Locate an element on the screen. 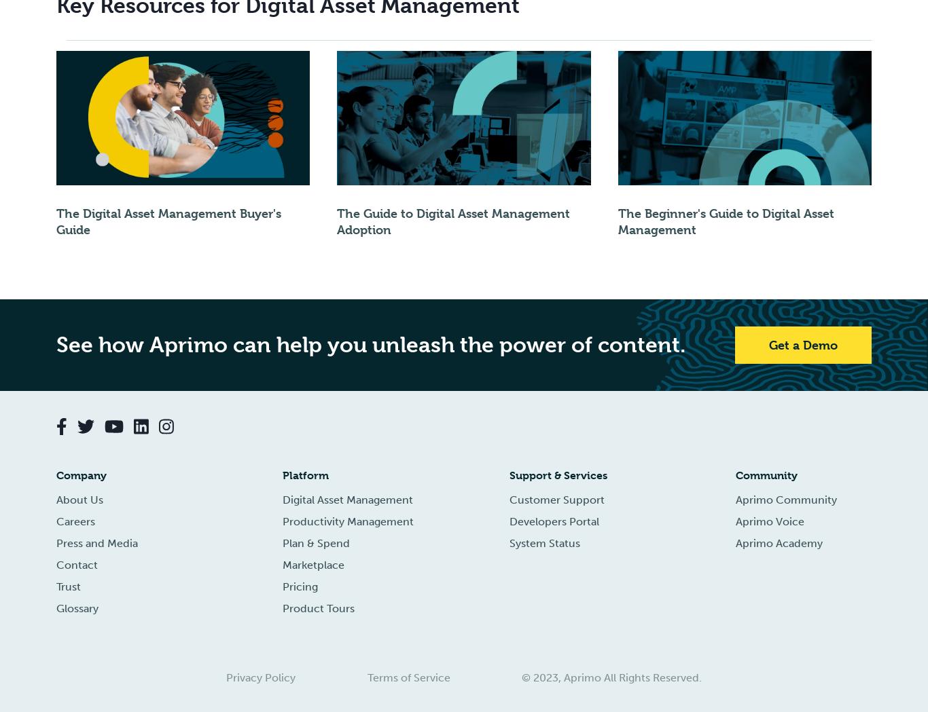  'Glossary' is located at coordinates (77, 607).